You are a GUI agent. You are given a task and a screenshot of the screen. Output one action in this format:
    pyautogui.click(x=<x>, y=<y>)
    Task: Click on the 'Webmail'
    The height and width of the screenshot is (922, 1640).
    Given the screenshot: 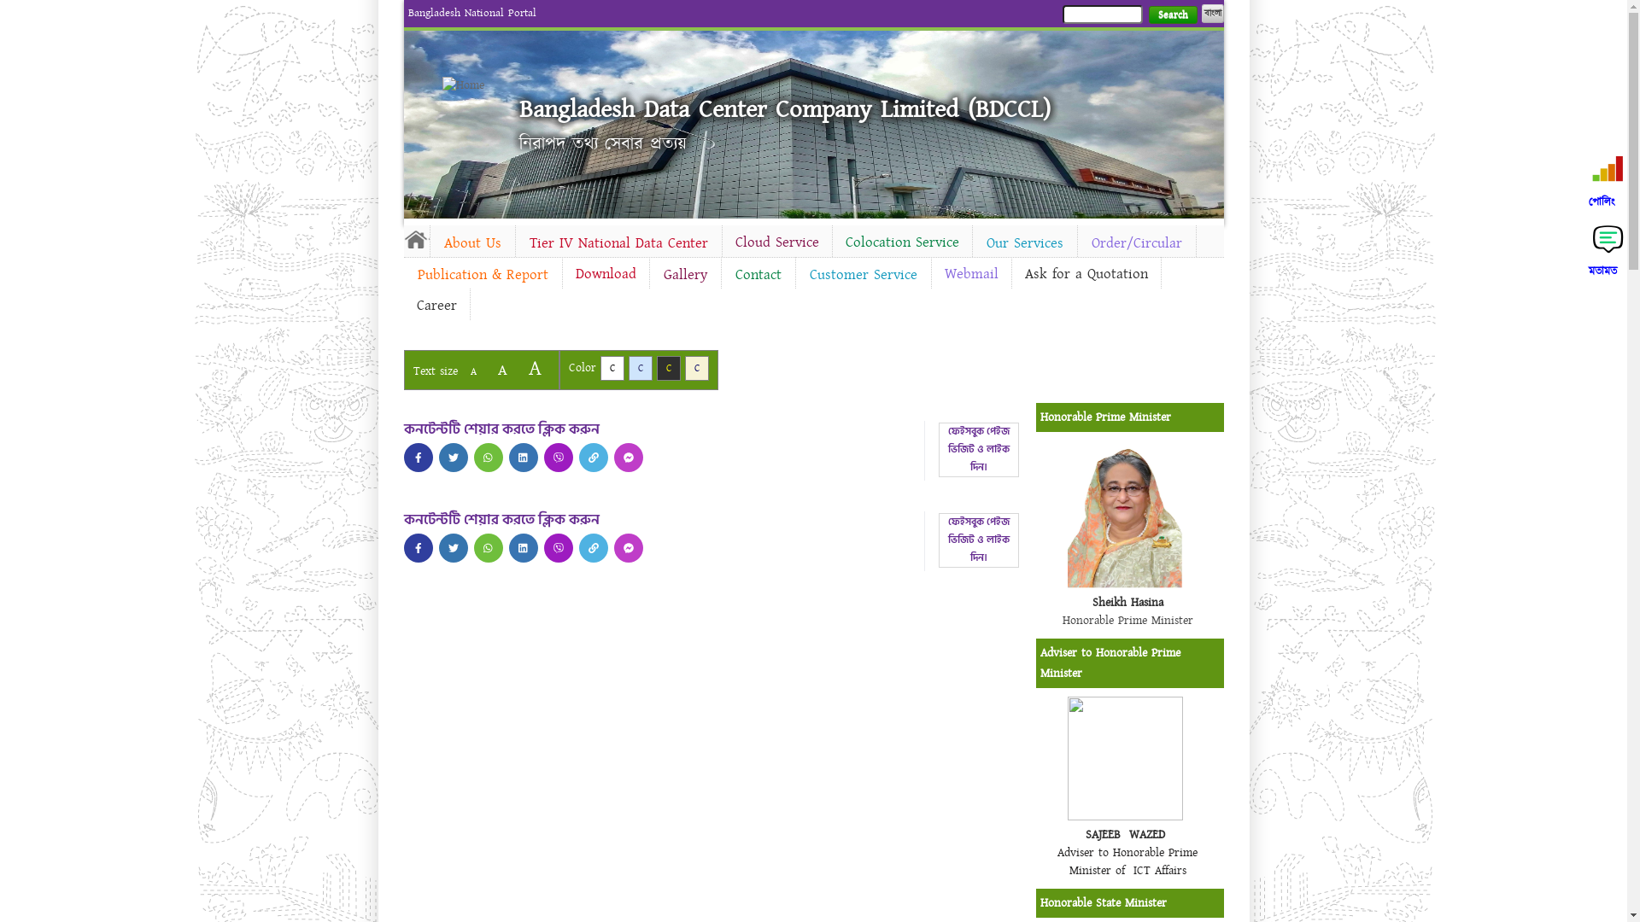 What is the action you would take?
    pyautogui.click(x=929, y=272)
    